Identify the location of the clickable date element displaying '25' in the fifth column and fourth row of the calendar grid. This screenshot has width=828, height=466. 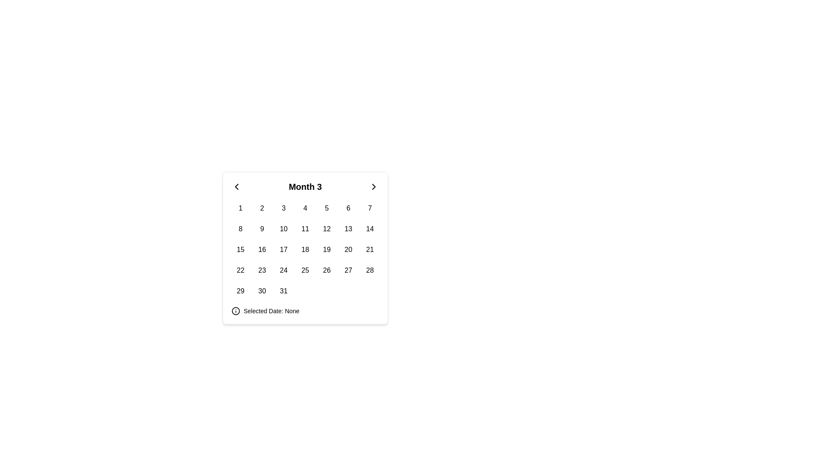
(305, 270).